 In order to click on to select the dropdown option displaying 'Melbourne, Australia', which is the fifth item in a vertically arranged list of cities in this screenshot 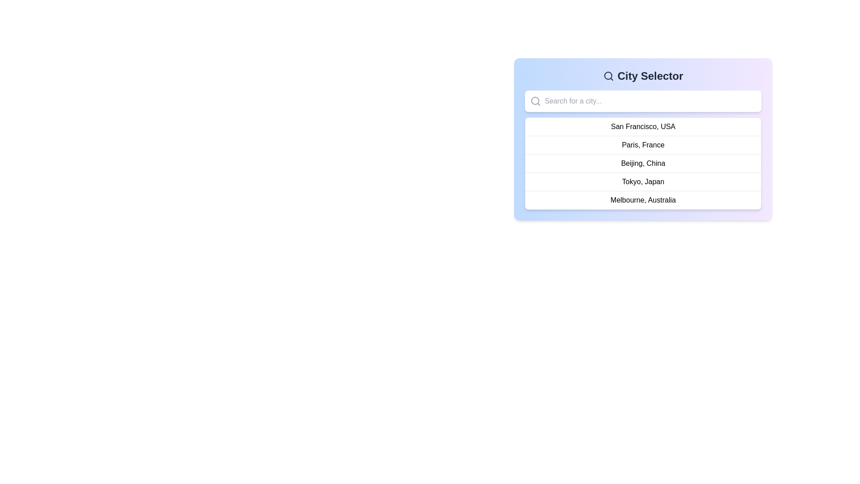, I will do `click(642, 199)`.